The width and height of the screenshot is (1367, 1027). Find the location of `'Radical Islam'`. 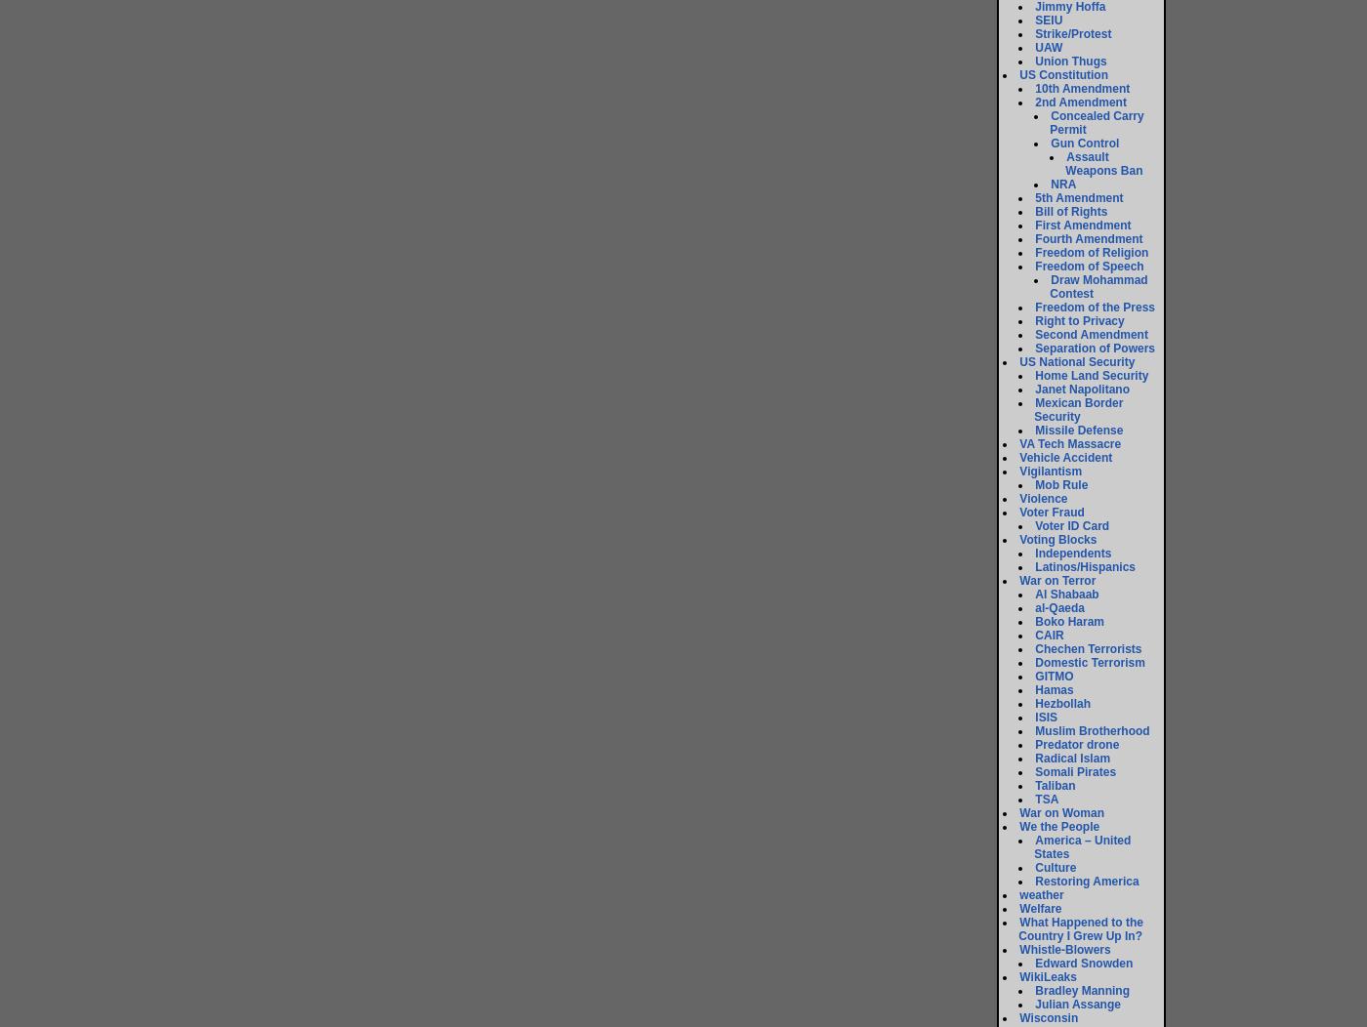

'Radical Islam' is located at coordinates (1034, 758).